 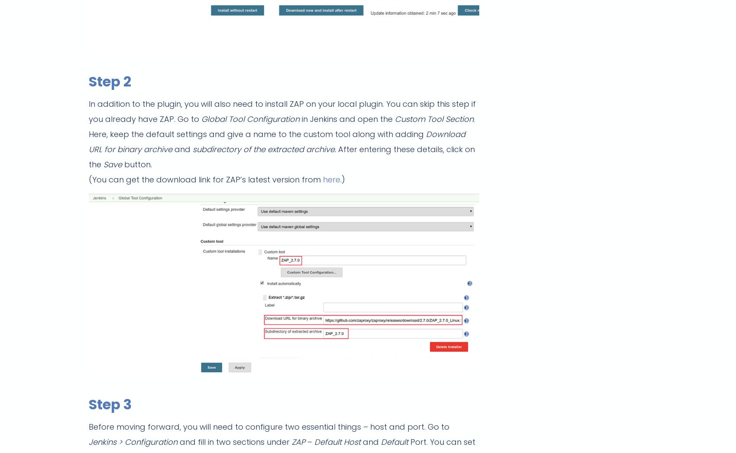 I want to click on '(You can get the download link for ZAP’s latest version from', so click(x=88, y=179).